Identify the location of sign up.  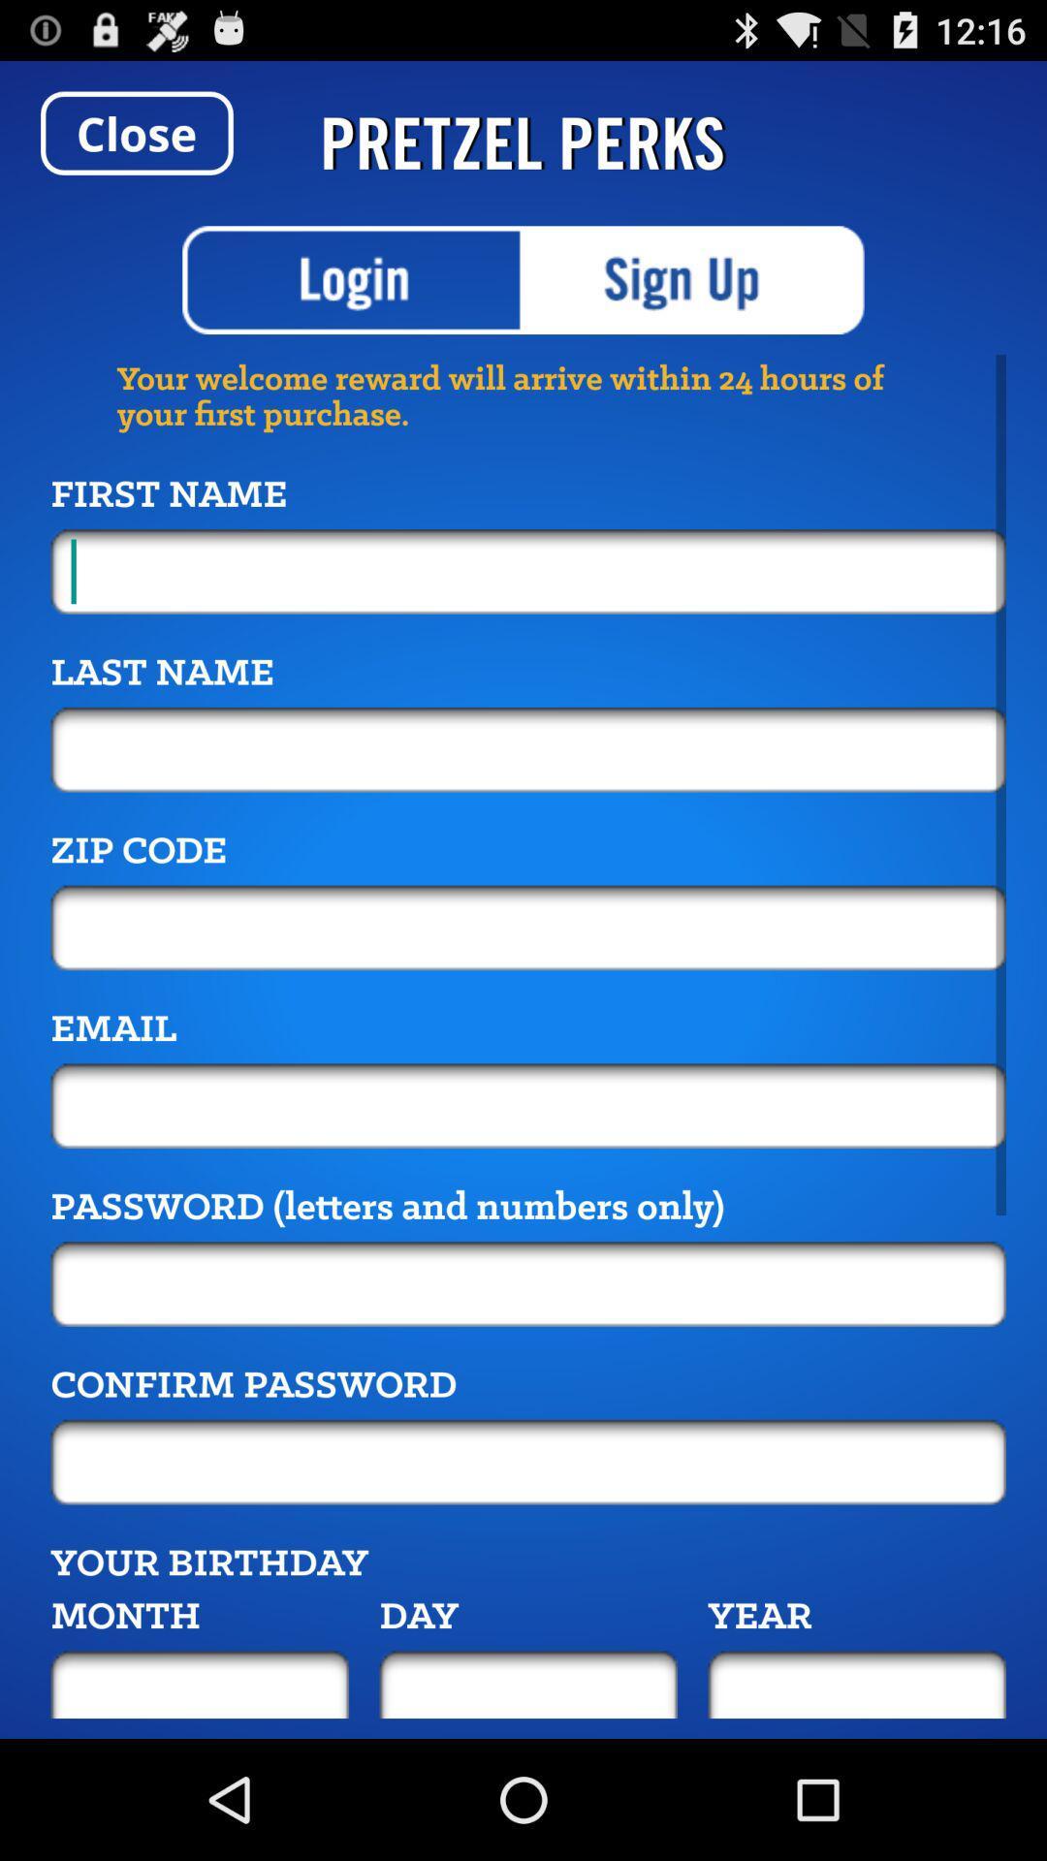
(693, 279).